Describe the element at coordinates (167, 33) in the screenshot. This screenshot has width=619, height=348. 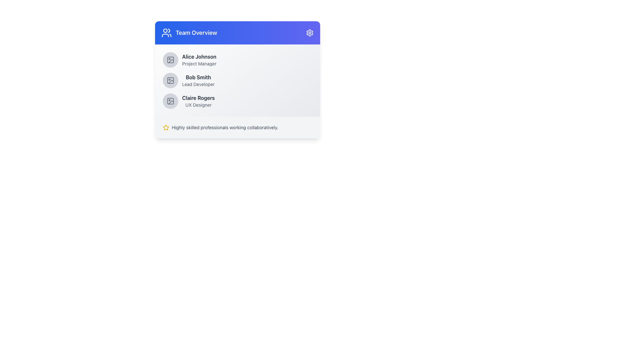
I see `the blue background icon depicting multiple users, located to the far left of the header bar labeled 'Team Overview'` at that location.